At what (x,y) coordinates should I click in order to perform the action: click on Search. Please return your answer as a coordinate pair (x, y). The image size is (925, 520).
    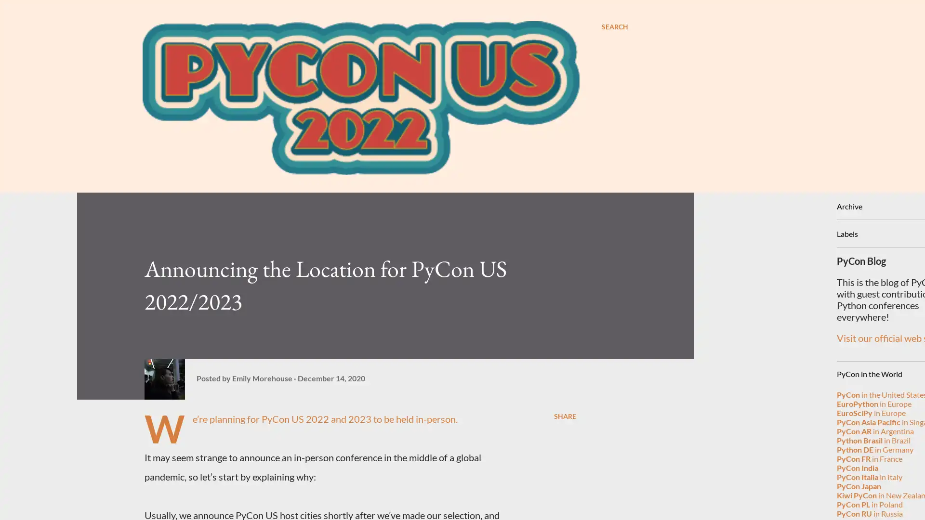
    Looking at the image, I should click on (614, 26).